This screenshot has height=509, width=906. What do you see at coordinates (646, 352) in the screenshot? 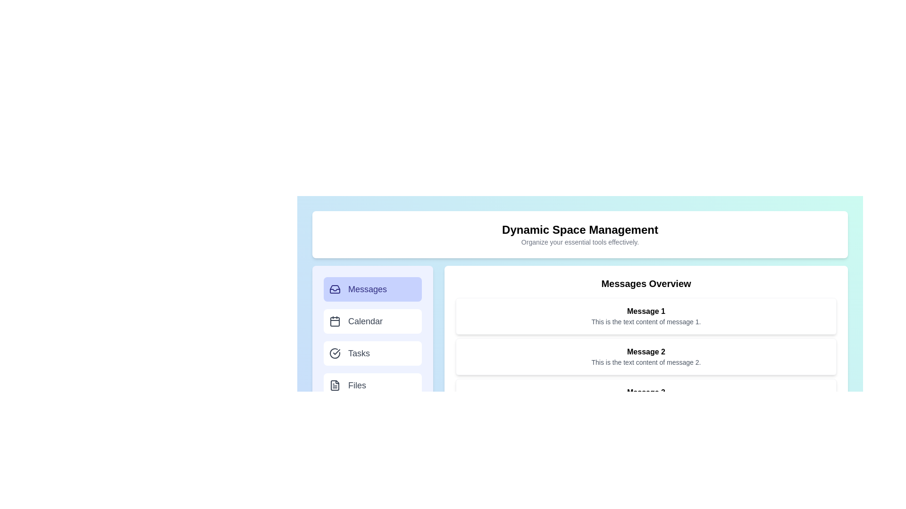
I see `text of the Text label that serves as a title or headline for the second message card in the list of message cards` at bounding box center [646, 352].